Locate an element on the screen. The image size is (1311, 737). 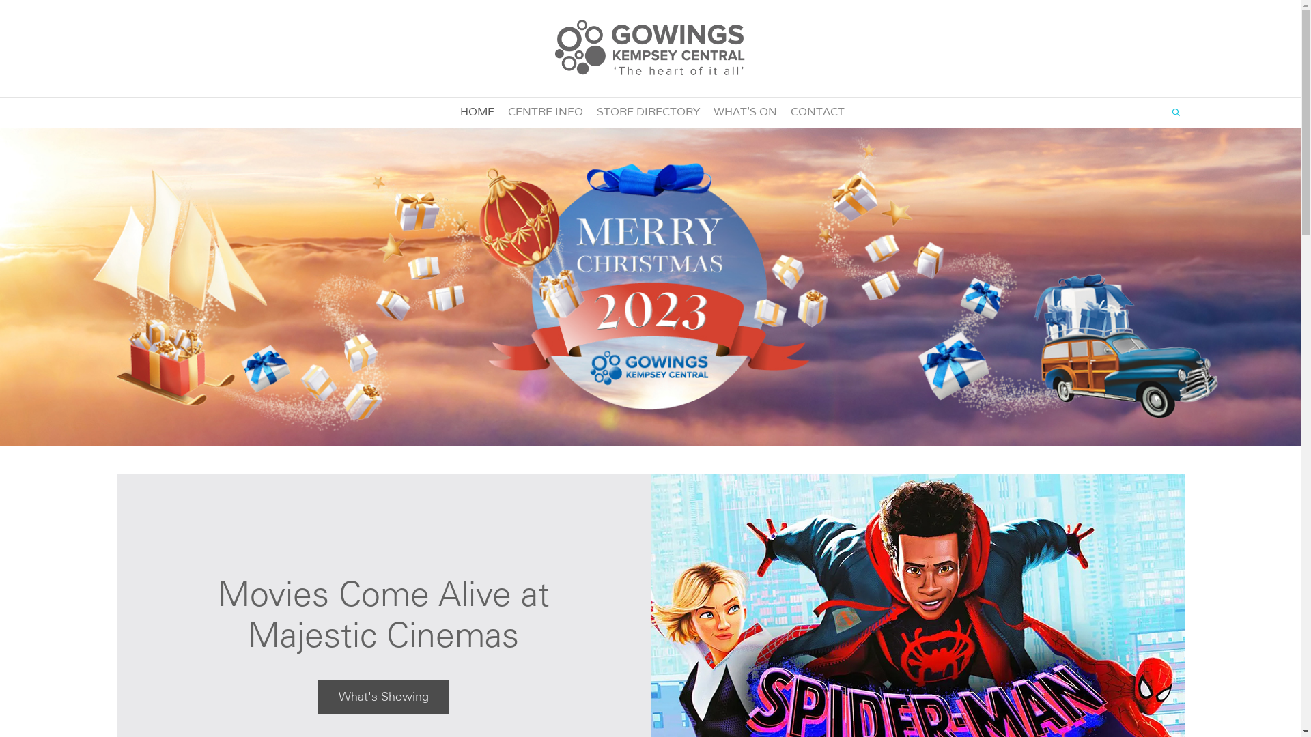
'CONTACT' is located at coordinates (817, 111).